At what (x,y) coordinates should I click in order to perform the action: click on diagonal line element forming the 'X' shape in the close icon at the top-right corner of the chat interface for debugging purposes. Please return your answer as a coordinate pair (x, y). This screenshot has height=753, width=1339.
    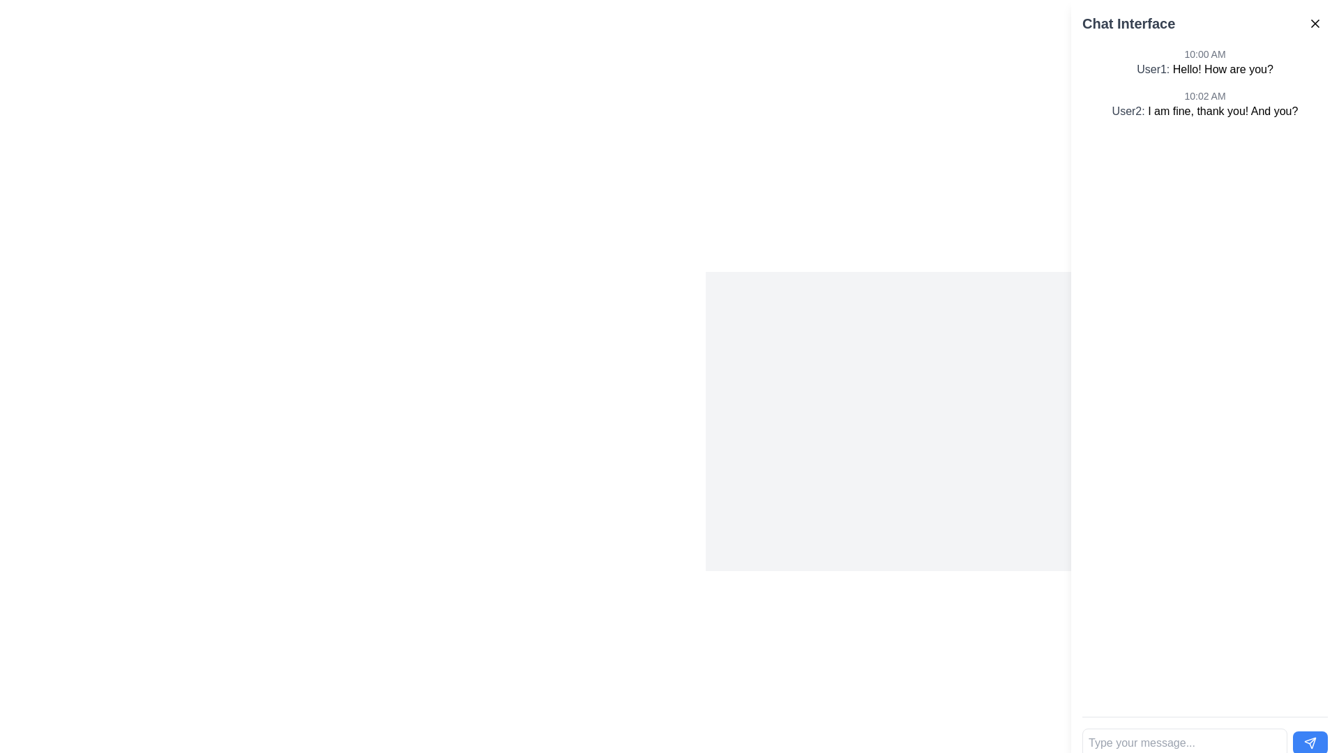
    Looking at the image, I should click on (1315, 24).